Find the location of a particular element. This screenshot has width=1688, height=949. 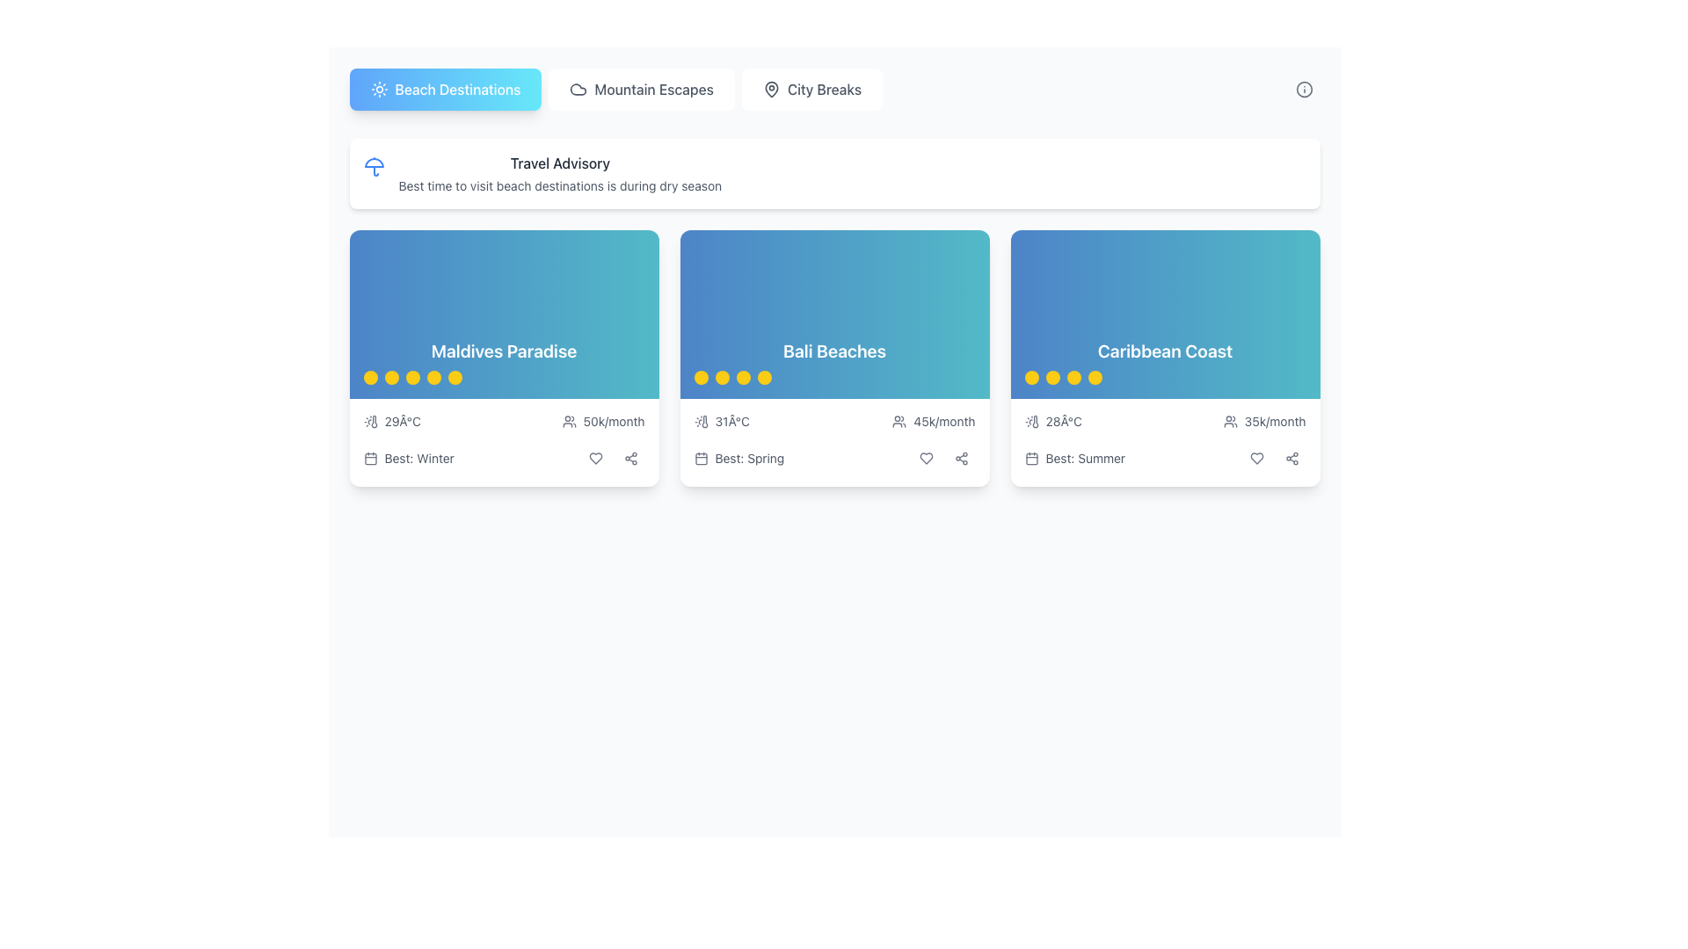

the decorative icon component located inside the SVG group in the 'Caribbean Coast' section of the card is located at coordinates (1035, 421).